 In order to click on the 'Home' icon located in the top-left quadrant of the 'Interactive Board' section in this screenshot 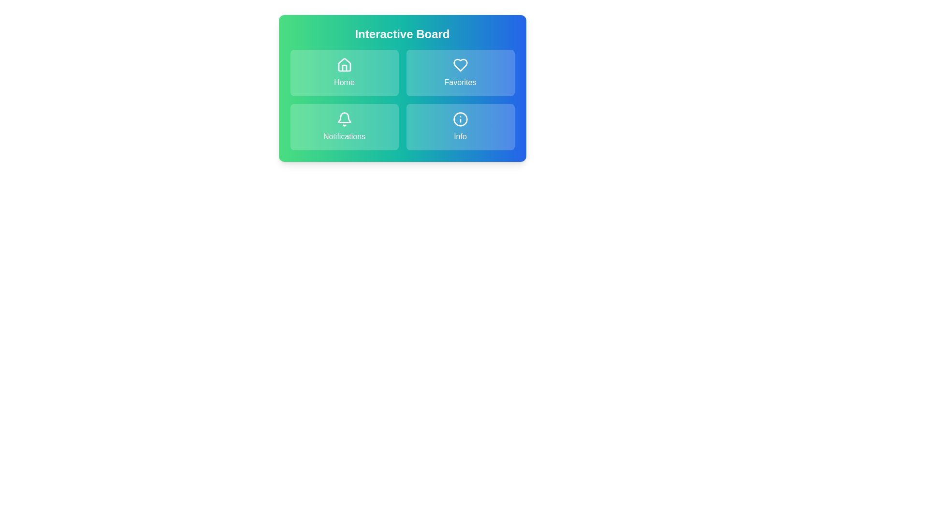, I will do `click(344, 65)`.